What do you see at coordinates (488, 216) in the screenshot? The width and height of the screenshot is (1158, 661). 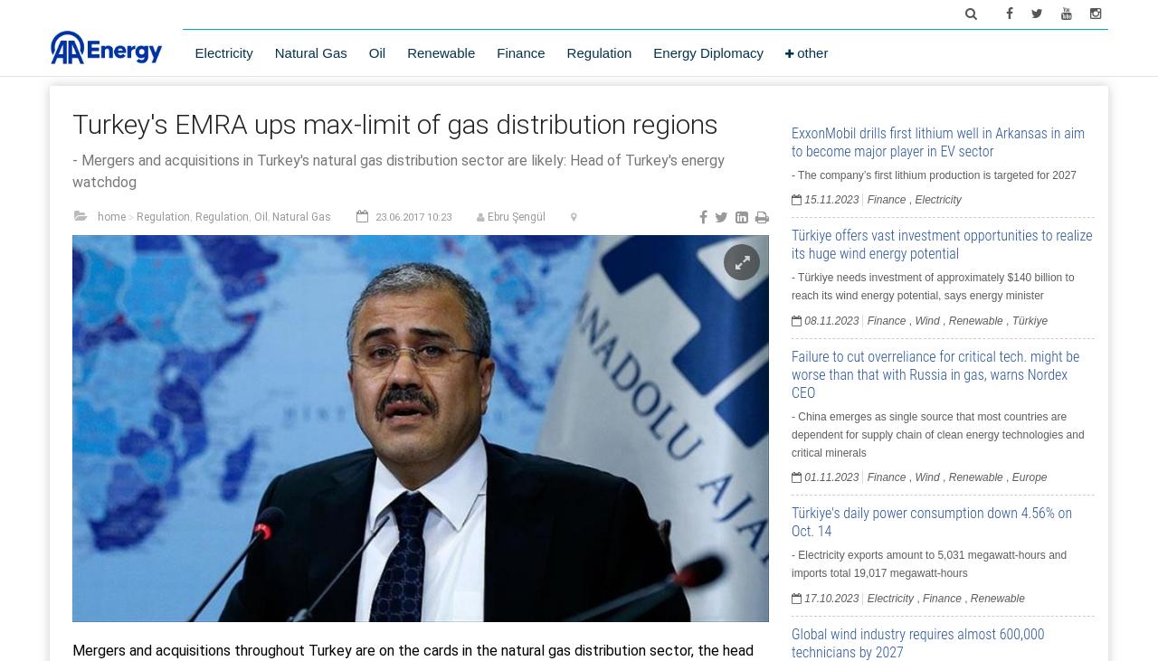 I see `'Ebru Şengül'` at bounding box center [488, 216].